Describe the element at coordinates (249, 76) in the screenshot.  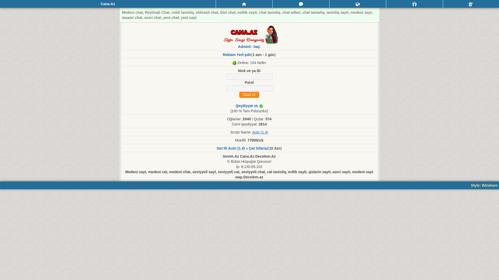
I see `'nick'` at that location.